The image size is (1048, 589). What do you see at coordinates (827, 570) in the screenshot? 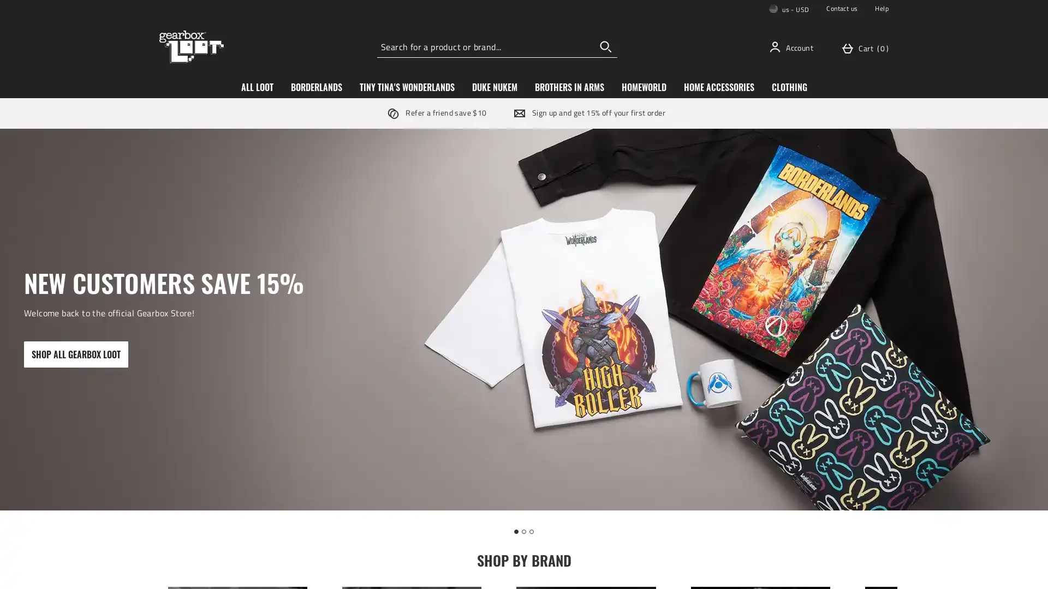
I see `ACCEPT` at bounding box center [827, 570].